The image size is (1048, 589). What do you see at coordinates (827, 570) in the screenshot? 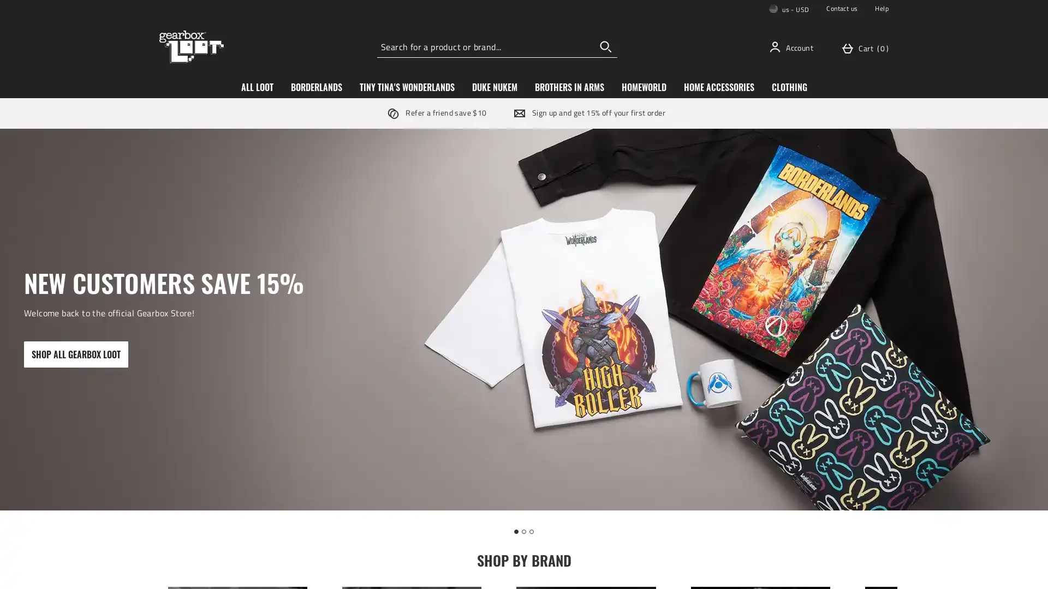
I see `ACCEPT` at bounding box center [827, 570].